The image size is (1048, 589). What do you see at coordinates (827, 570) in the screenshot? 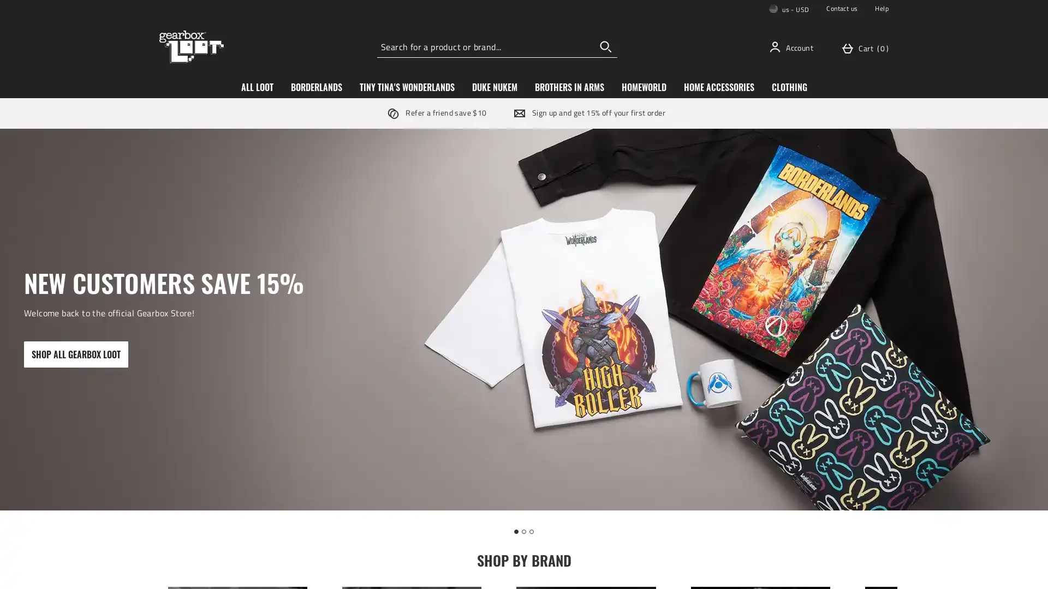
I see `ACCEPT` at bounding box center [827, 570].